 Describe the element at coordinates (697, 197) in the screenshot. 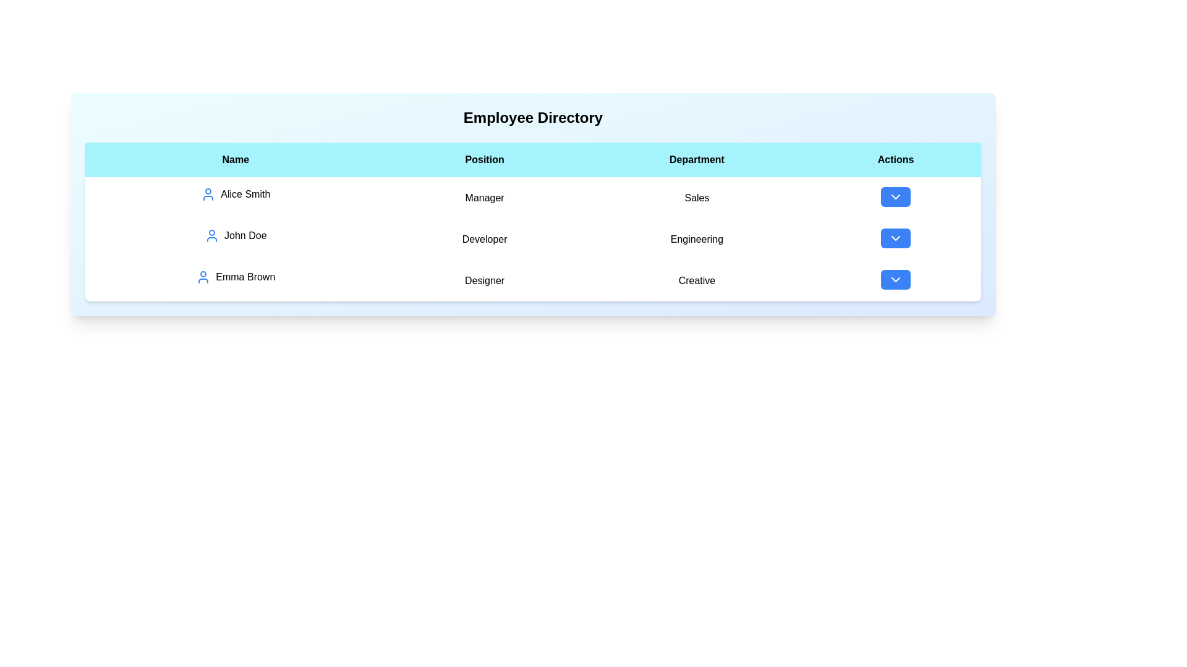

I see `the Text label displaying the department name for employee 'Alice Smith' in the 'Department' column of the structured table` at that location.